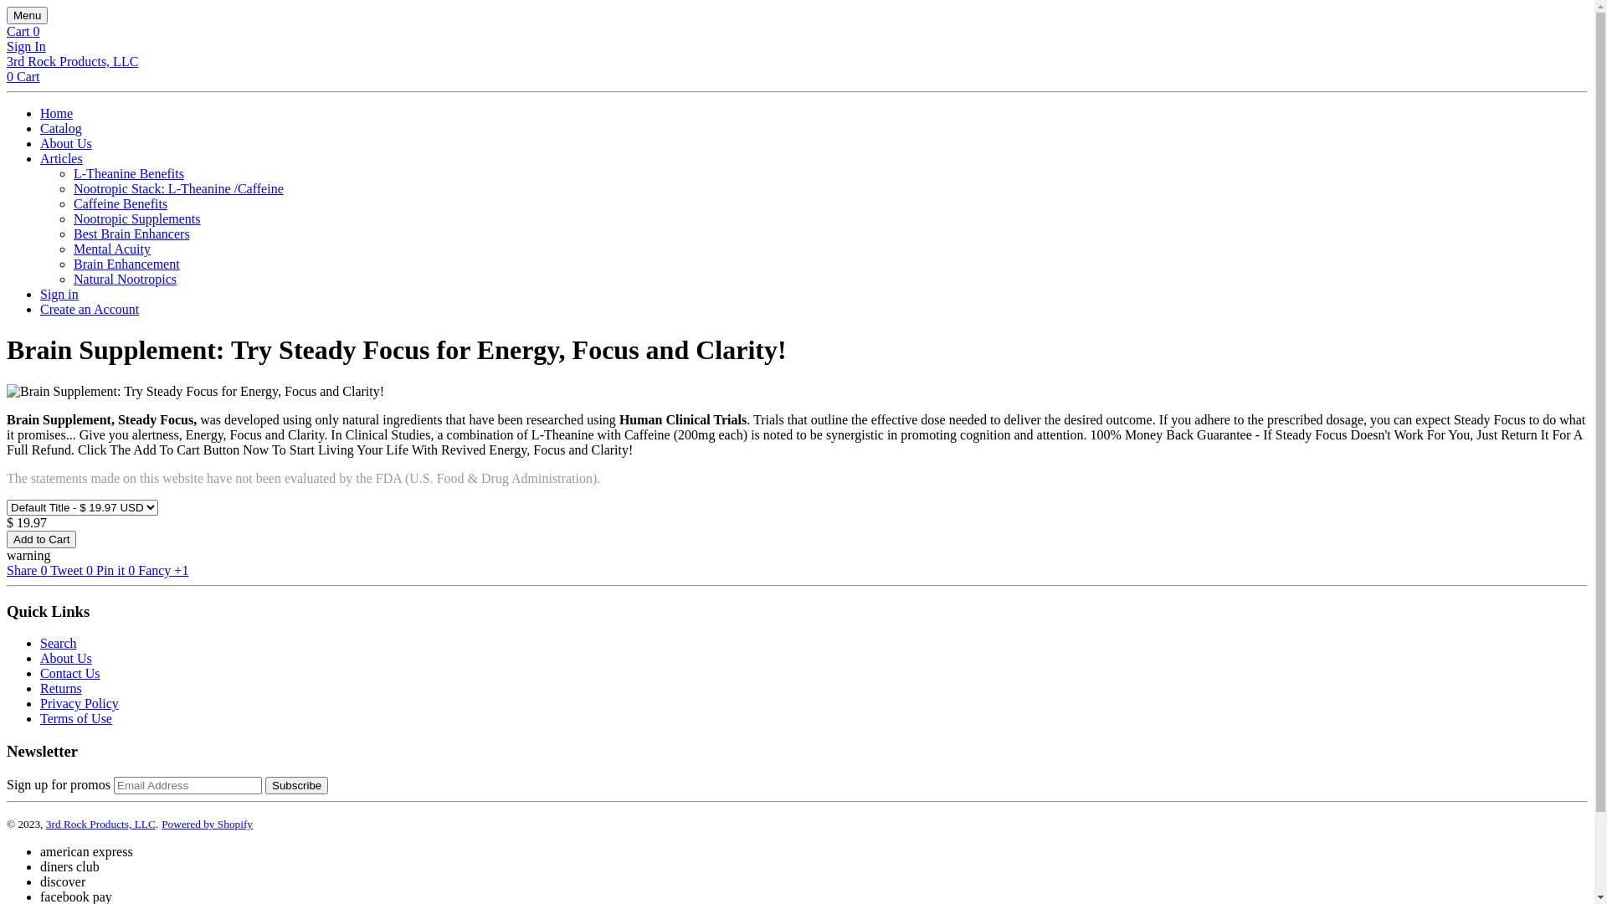 This screenshot has height=904, width=1607. Describe the element at coordinates (49, 569) in the screenshot. I see `'Tweet 0'` at that location.